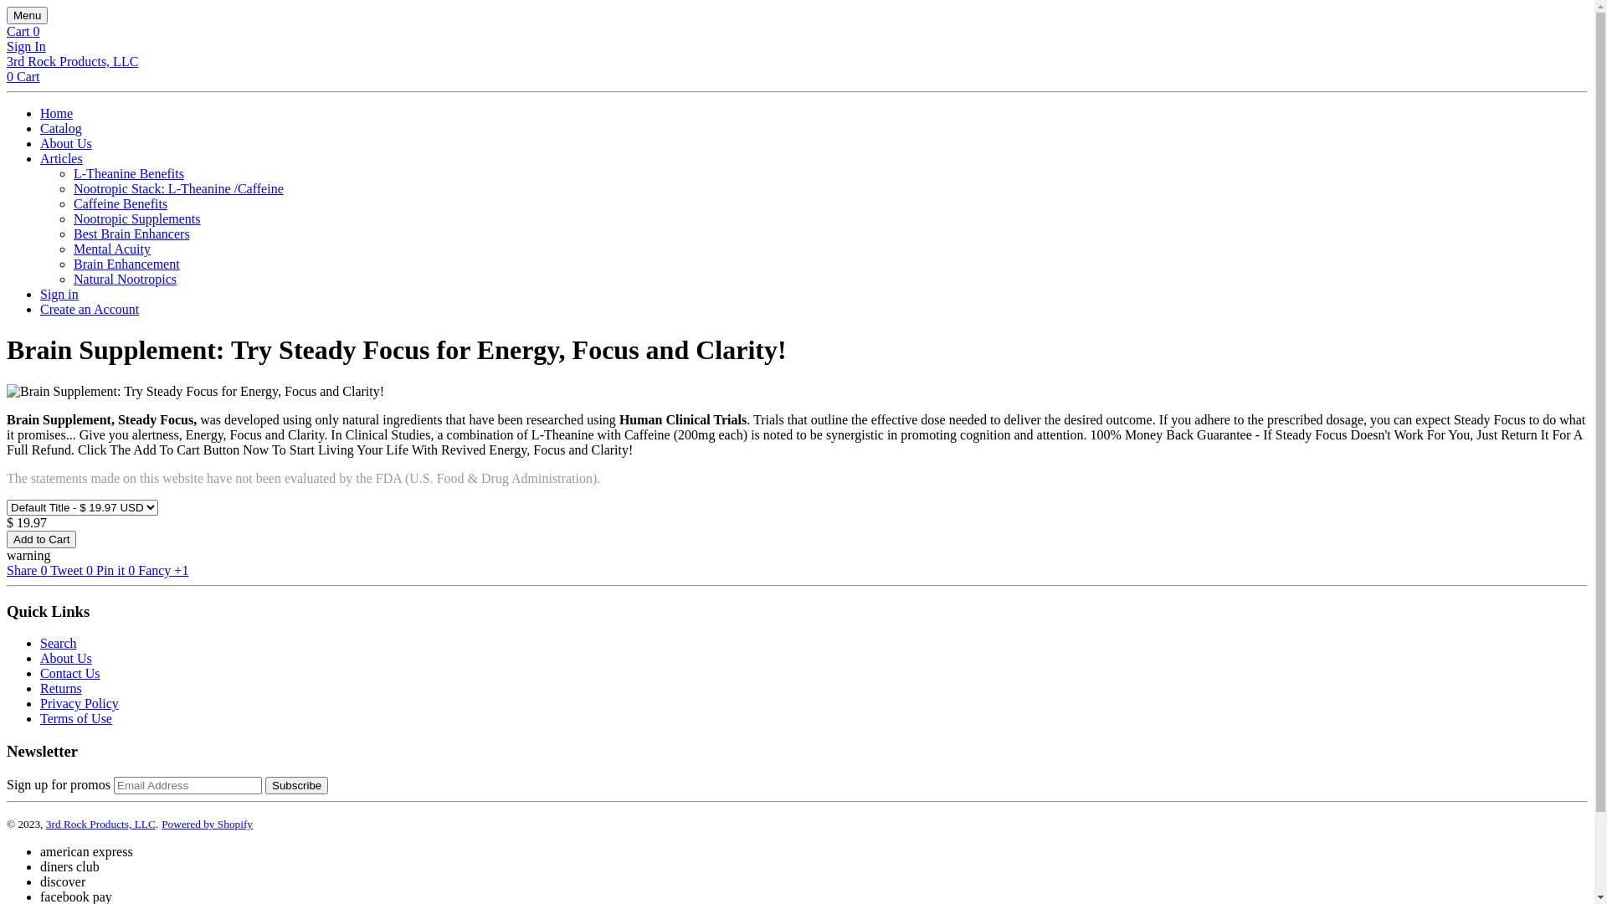 This screenshot has height=904, width=1607. Describe the element at coordinates (49, 569) in the screenshot. I see `'Tweet 0'` at that location.